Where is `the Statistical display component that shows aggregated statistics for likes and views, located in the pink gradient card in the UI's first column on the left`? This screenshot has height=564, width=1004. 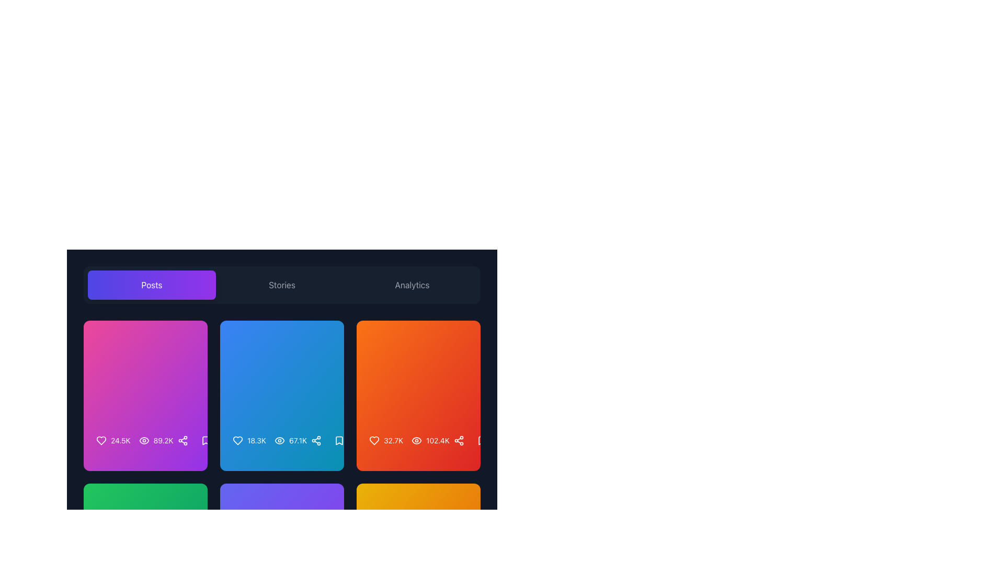 the Statistical display component that shows aggregated statistics for likes and views, located in the pink gradient card in the UI's first column on the left is located at coordinates (134, 441).